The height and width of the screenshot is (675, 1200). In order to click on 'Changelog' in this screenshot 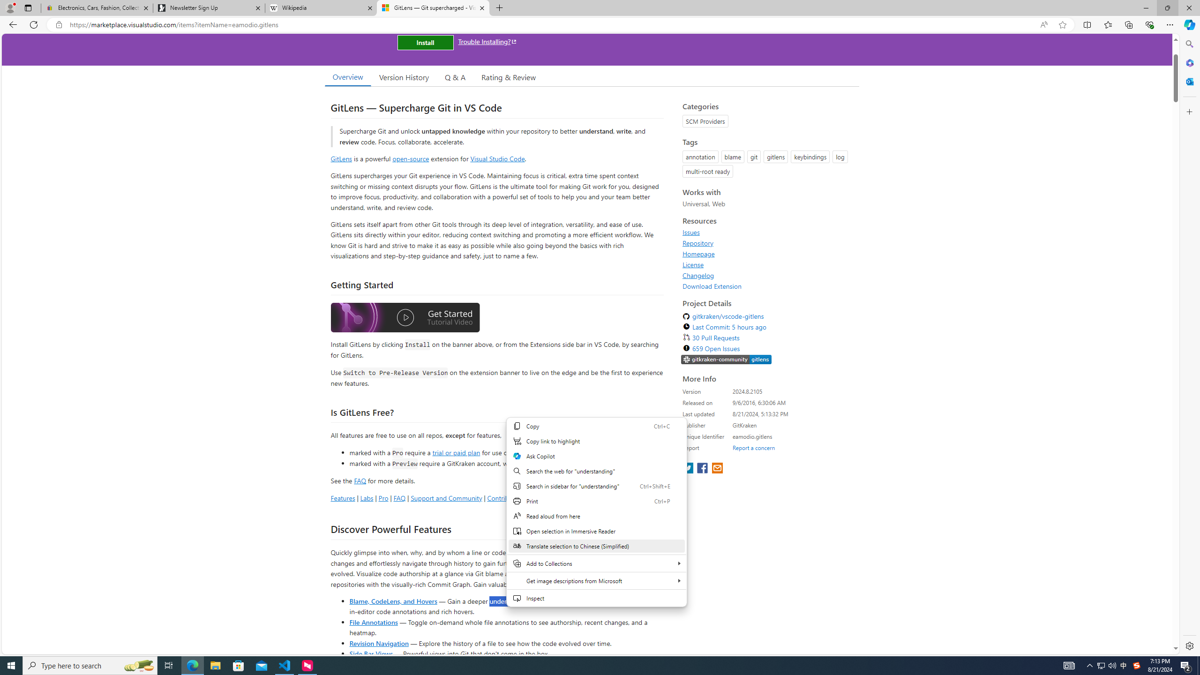, I will do `click(697, 275)`.